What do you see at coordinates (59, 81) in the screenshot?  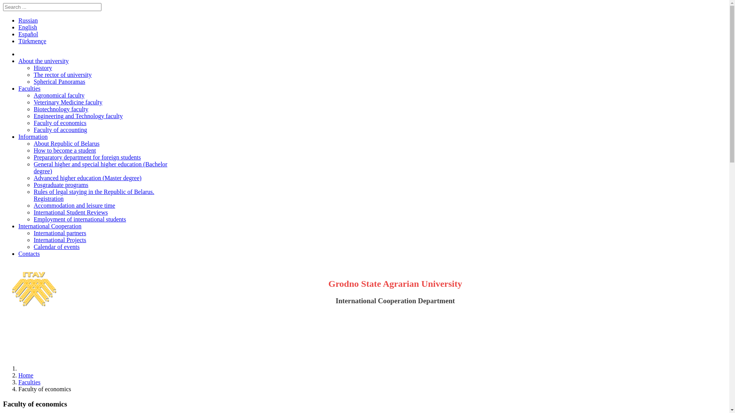 I see `'Spherical Panoramas'` at bounding box center [59, 81].